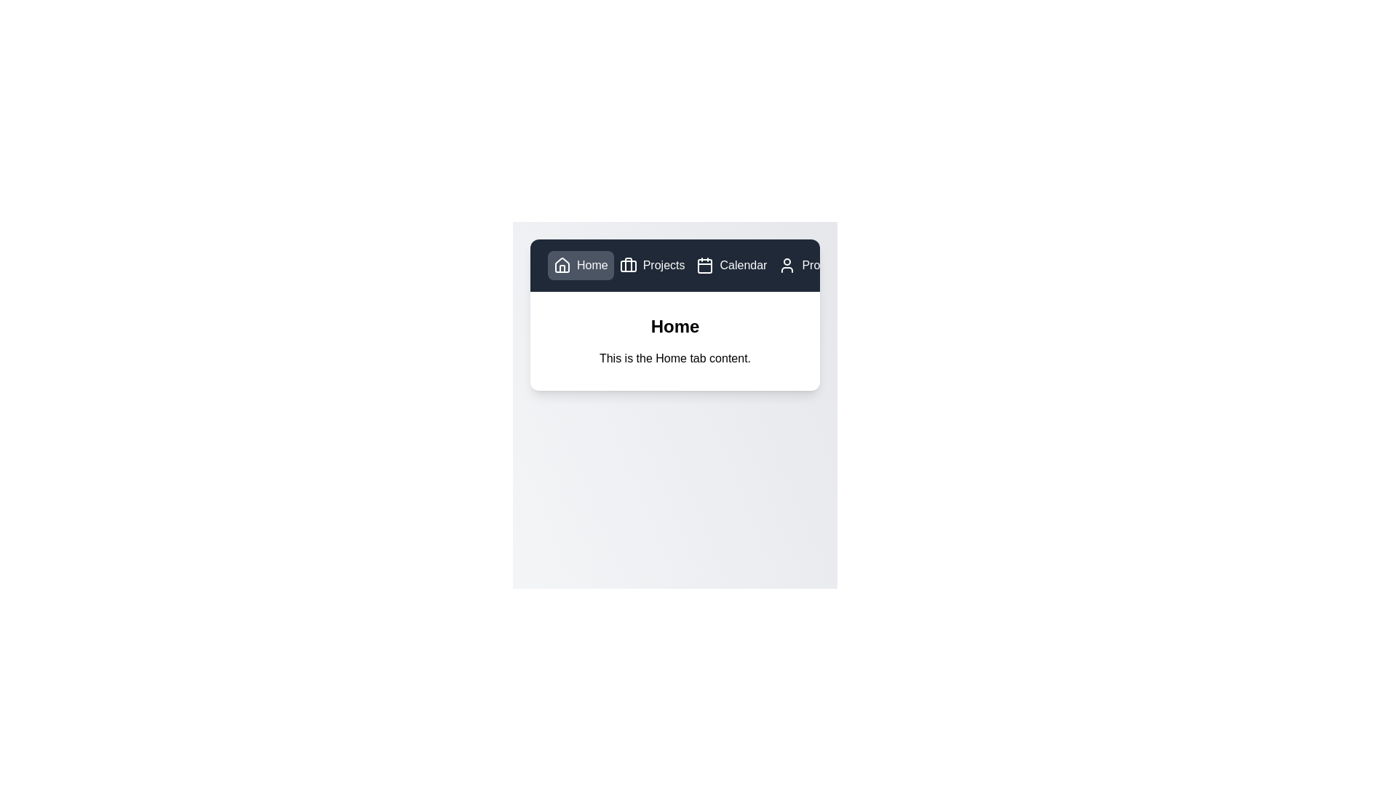  I want to click on the Home tab by clicking on its button, so click(579, 266).